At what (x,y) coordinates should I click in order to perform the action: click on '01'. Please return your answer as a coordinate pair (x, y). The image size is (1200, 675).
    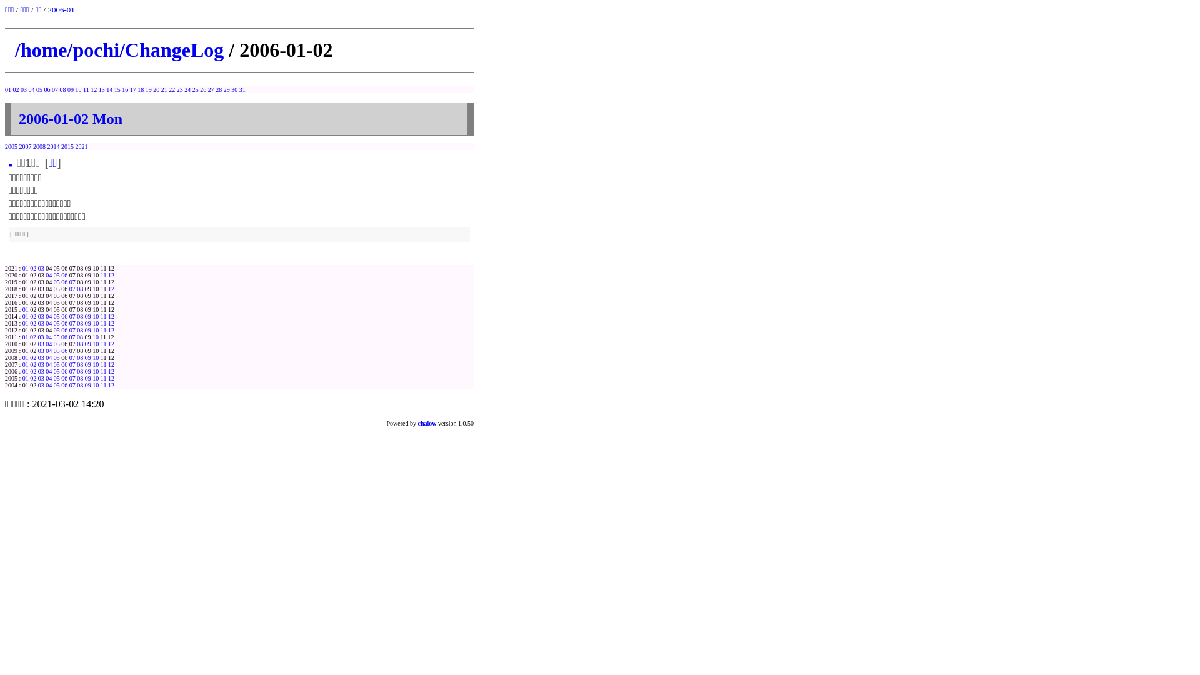
    Looking at the image, I should click on (26, 357).